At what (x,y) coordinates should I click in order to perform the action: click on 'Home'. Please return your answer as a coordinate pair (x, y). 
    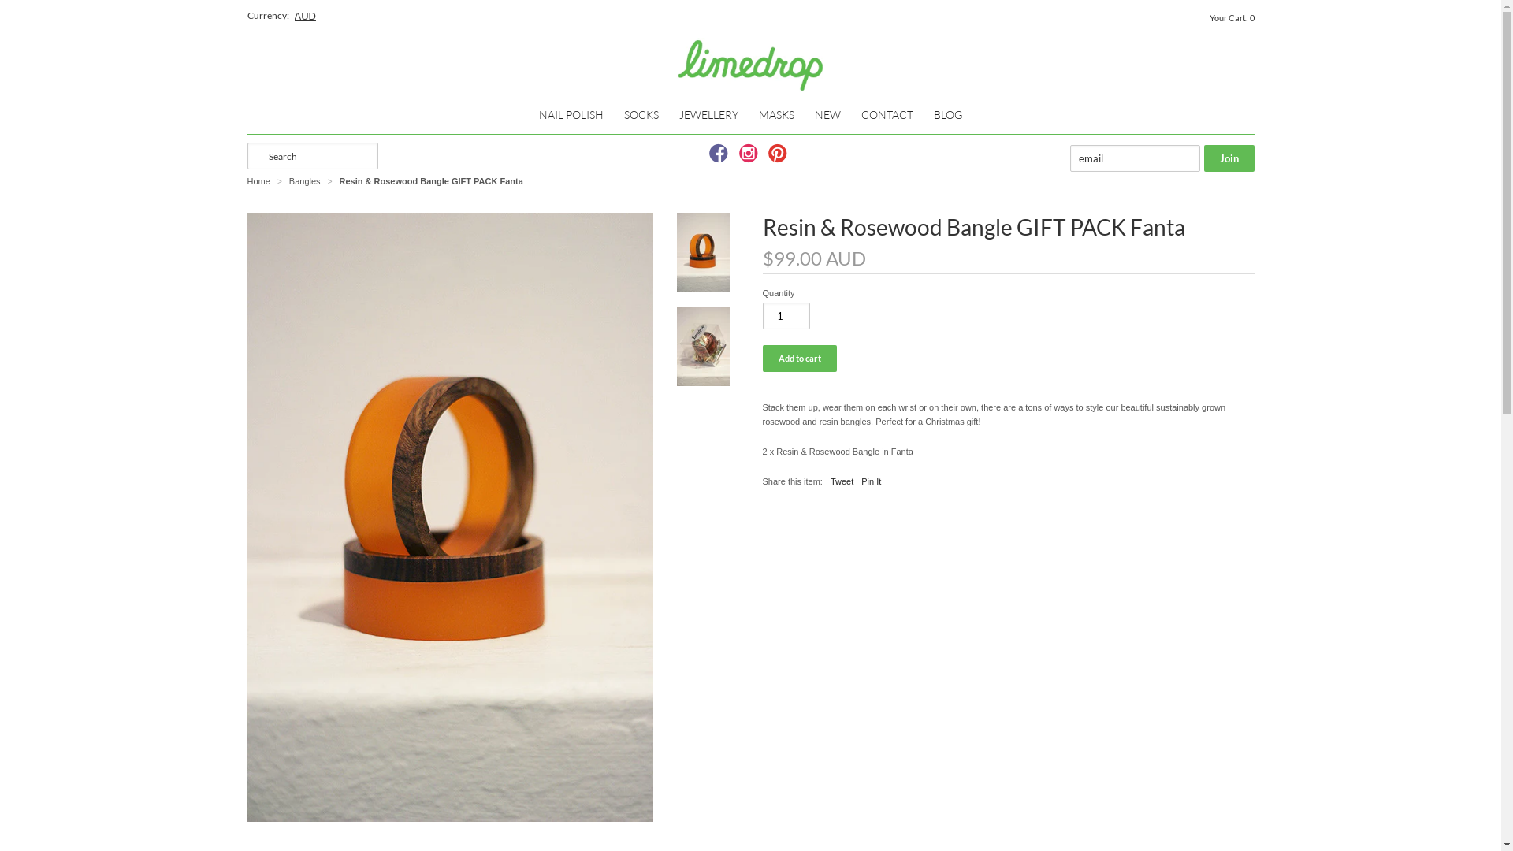
    Looking at the image, I should click on (246, 180).